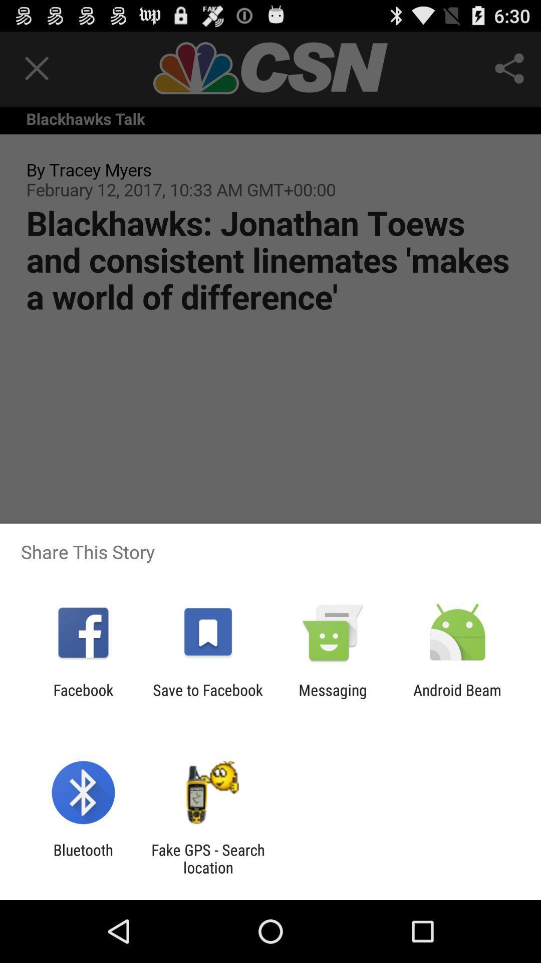  Describe the element at coordinates (207, 698) in the screenshot. I see `icon to the left of messaging` at that location.